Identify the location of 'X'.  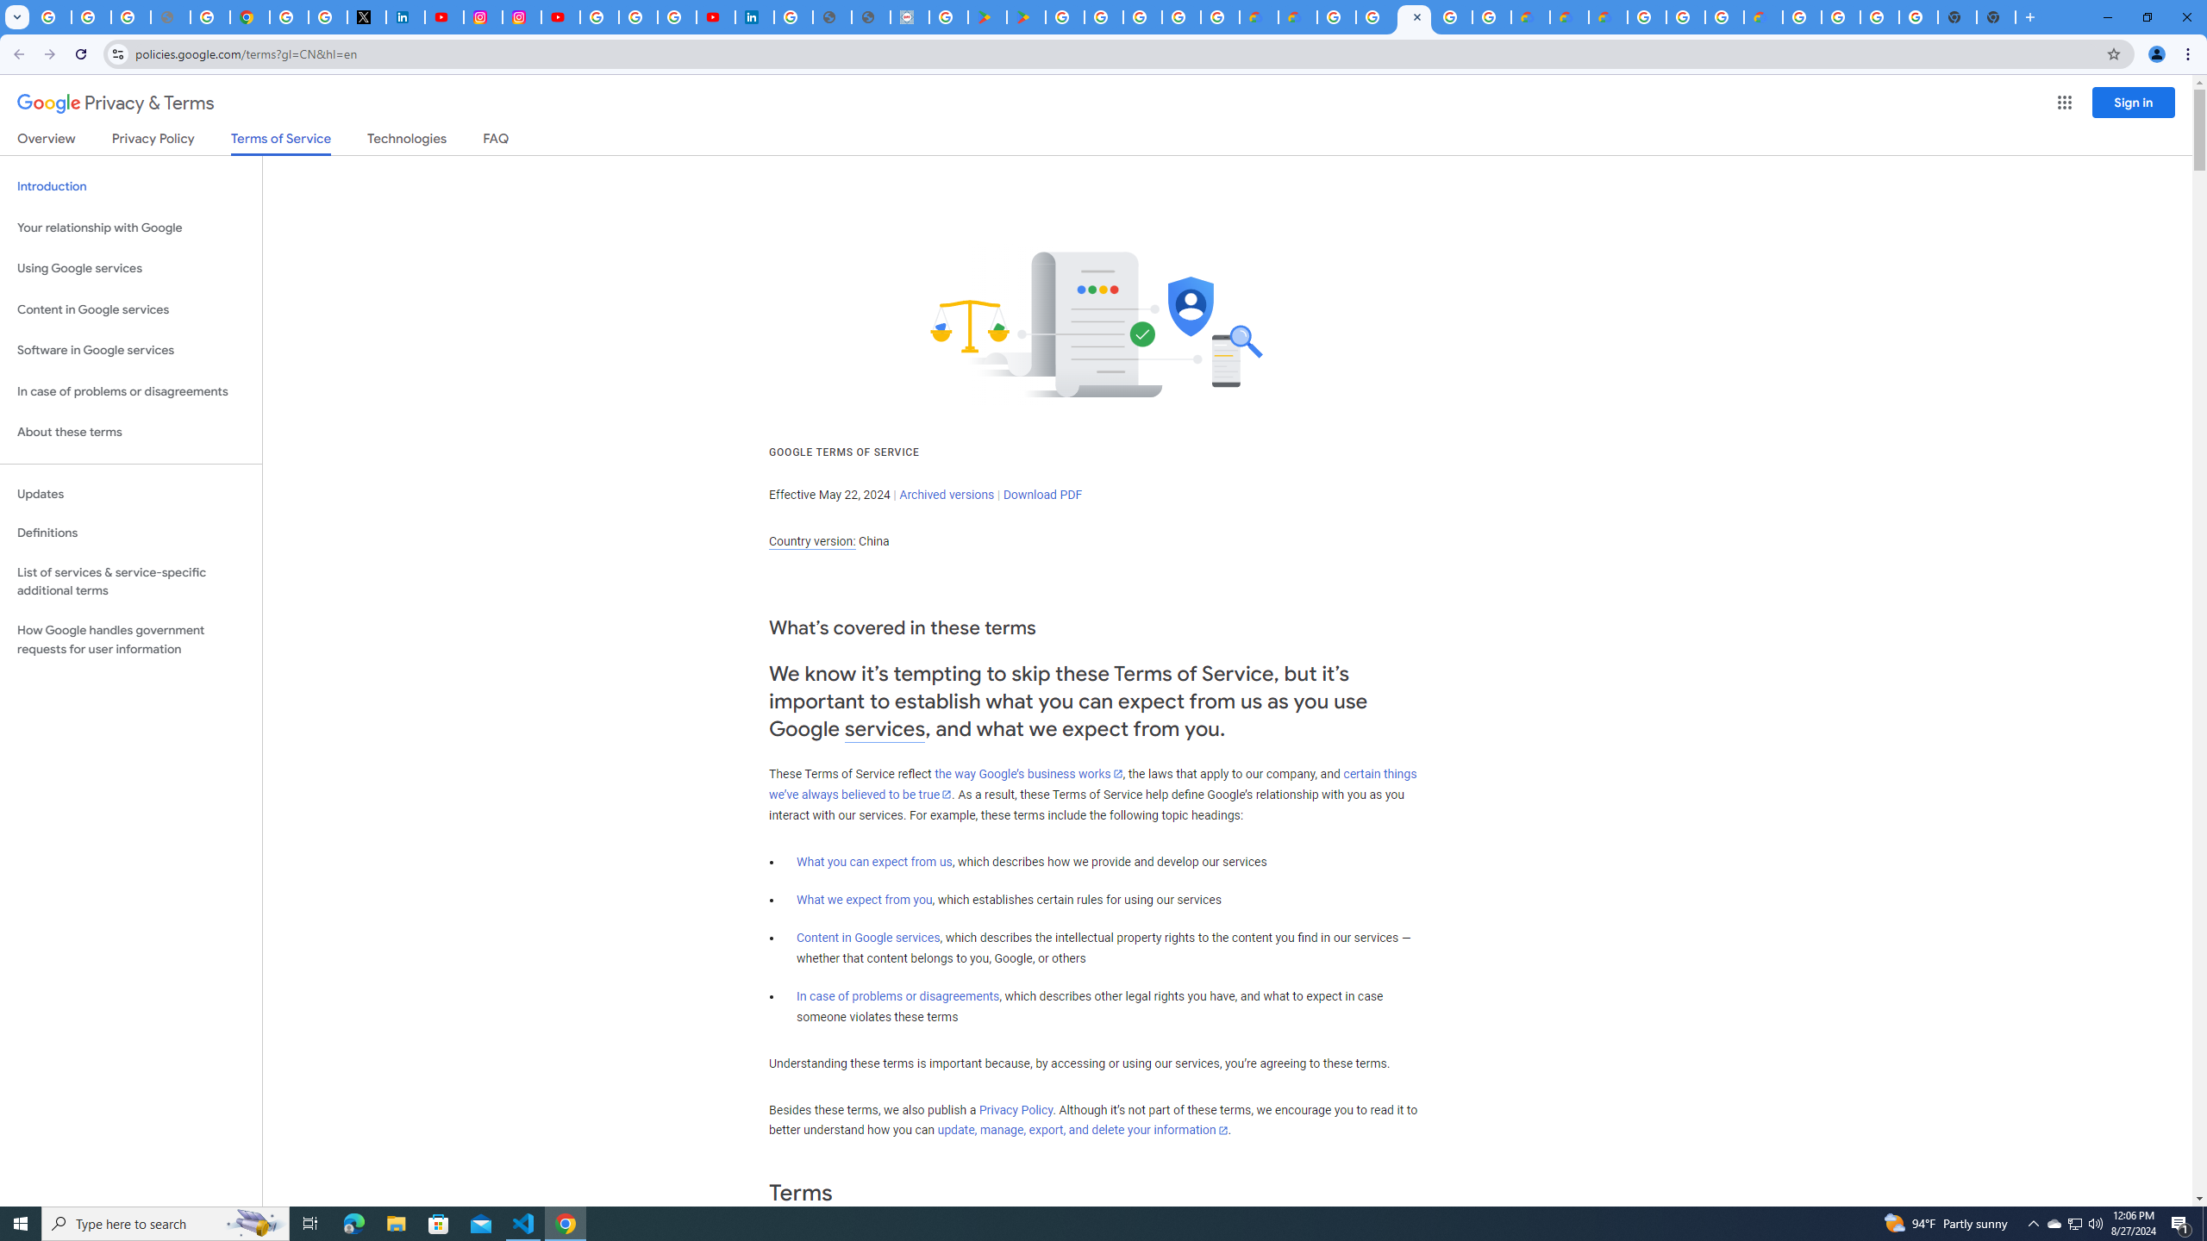
(366, 16).